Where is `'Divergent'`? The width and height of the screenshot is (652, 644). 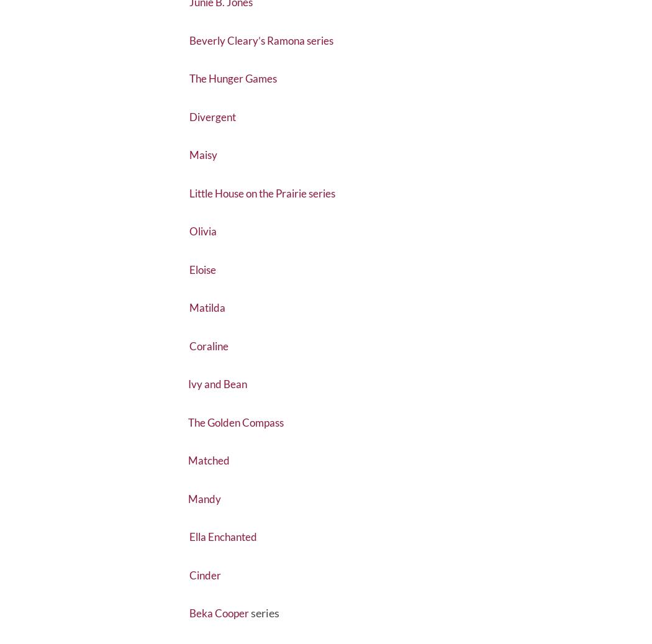
'Divergent' is located at coordinates (214, 148).